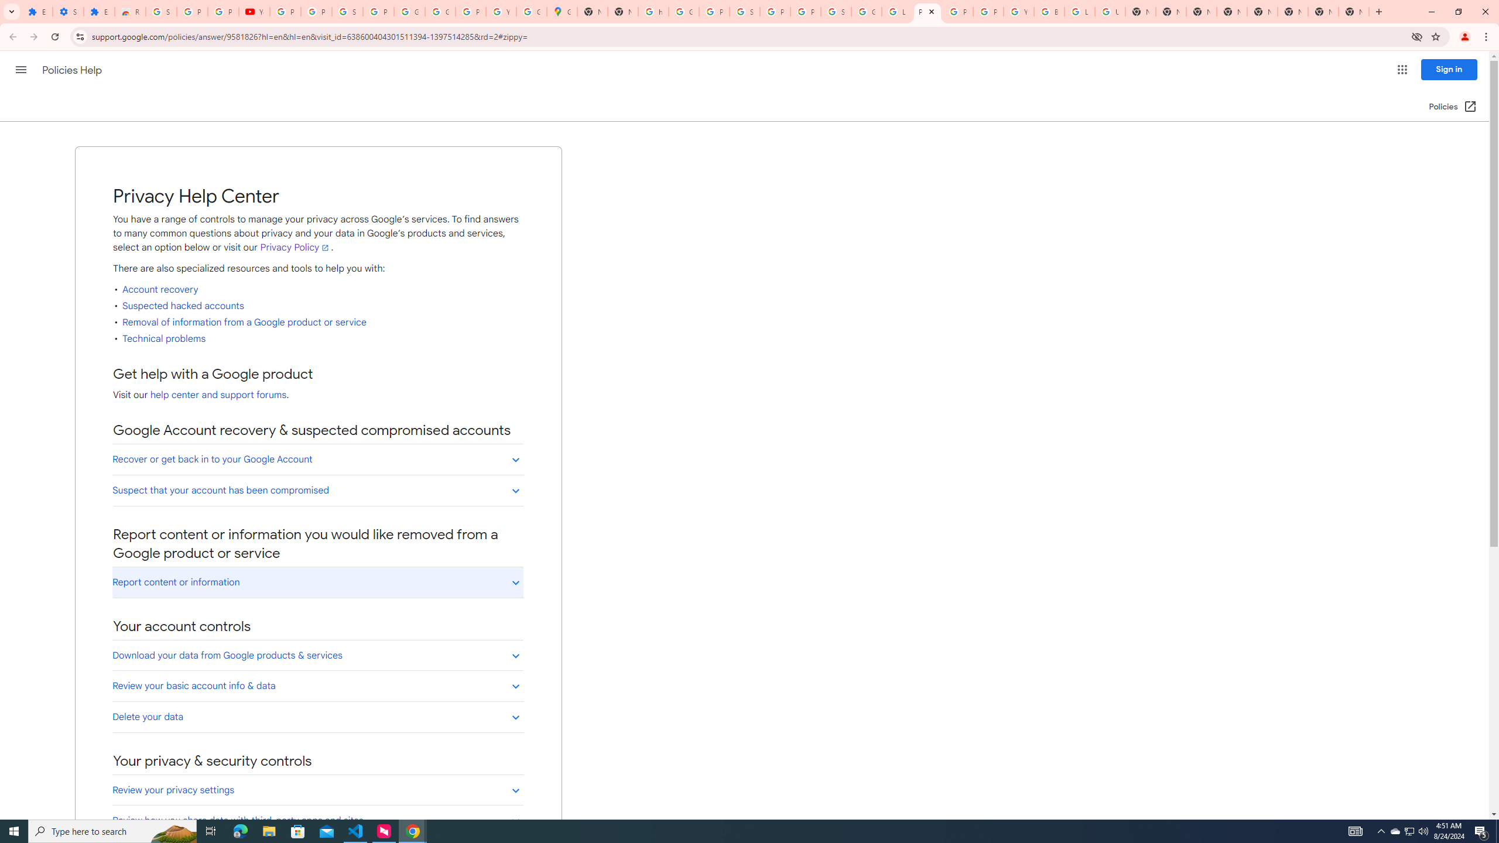 This screenshot has height=843, width=1499. Describe the element at coordinates (1401, 69) in the screenshot. I see `'Google apps'` at that location.